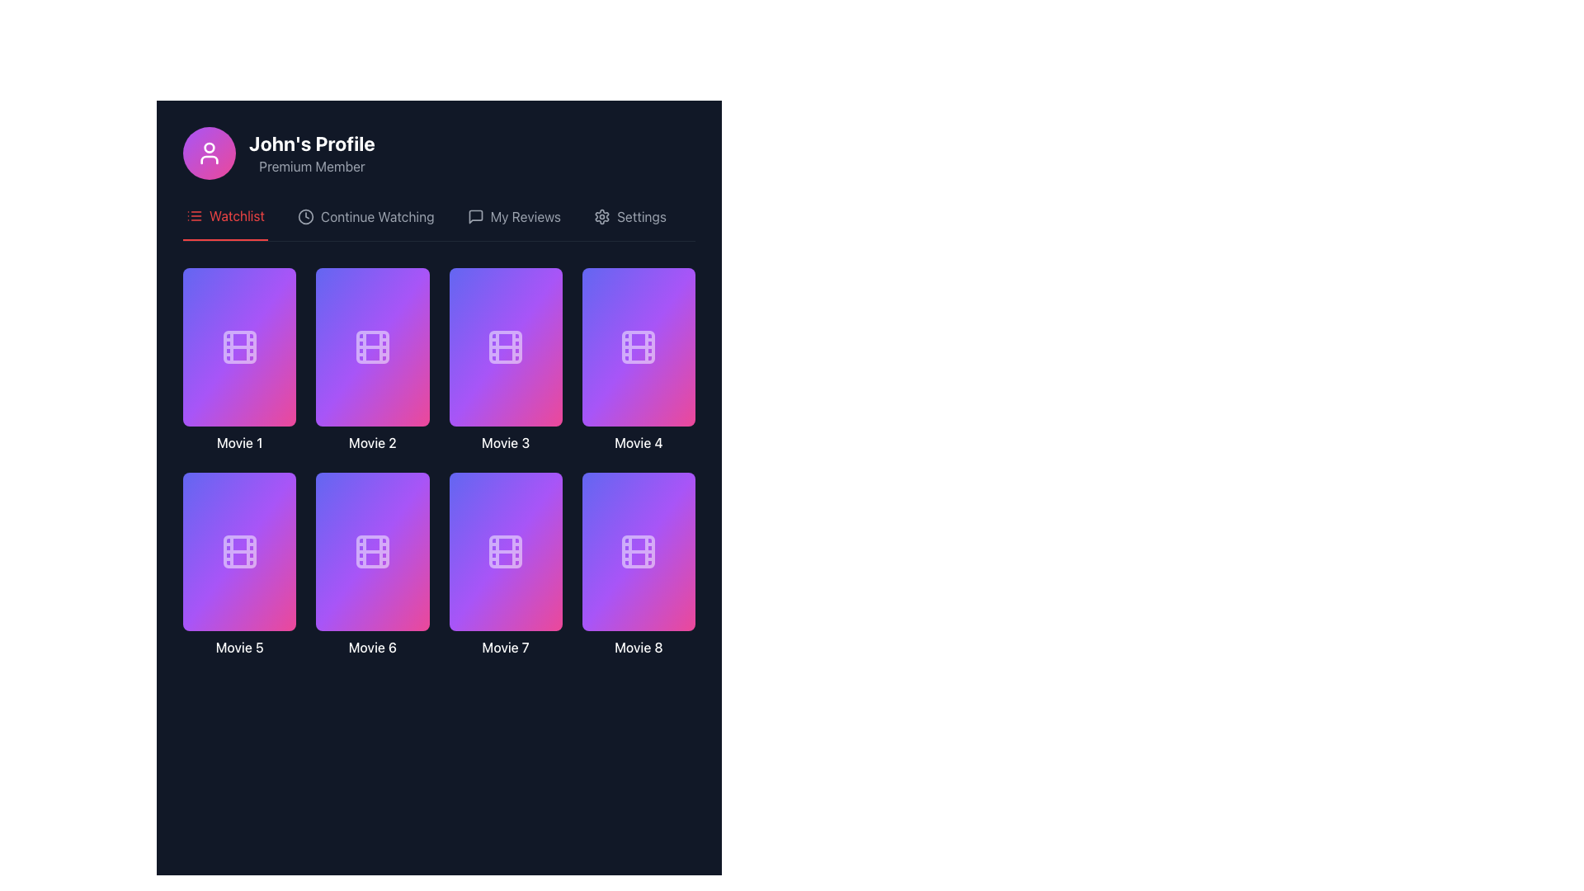 The height and width of the screenshot is (891, 1584). Describe the element at coordinates (638, 551) in the screenshot. I see `the filmstrip icon located in the bottom-right tile of the movie selection area` at that location.